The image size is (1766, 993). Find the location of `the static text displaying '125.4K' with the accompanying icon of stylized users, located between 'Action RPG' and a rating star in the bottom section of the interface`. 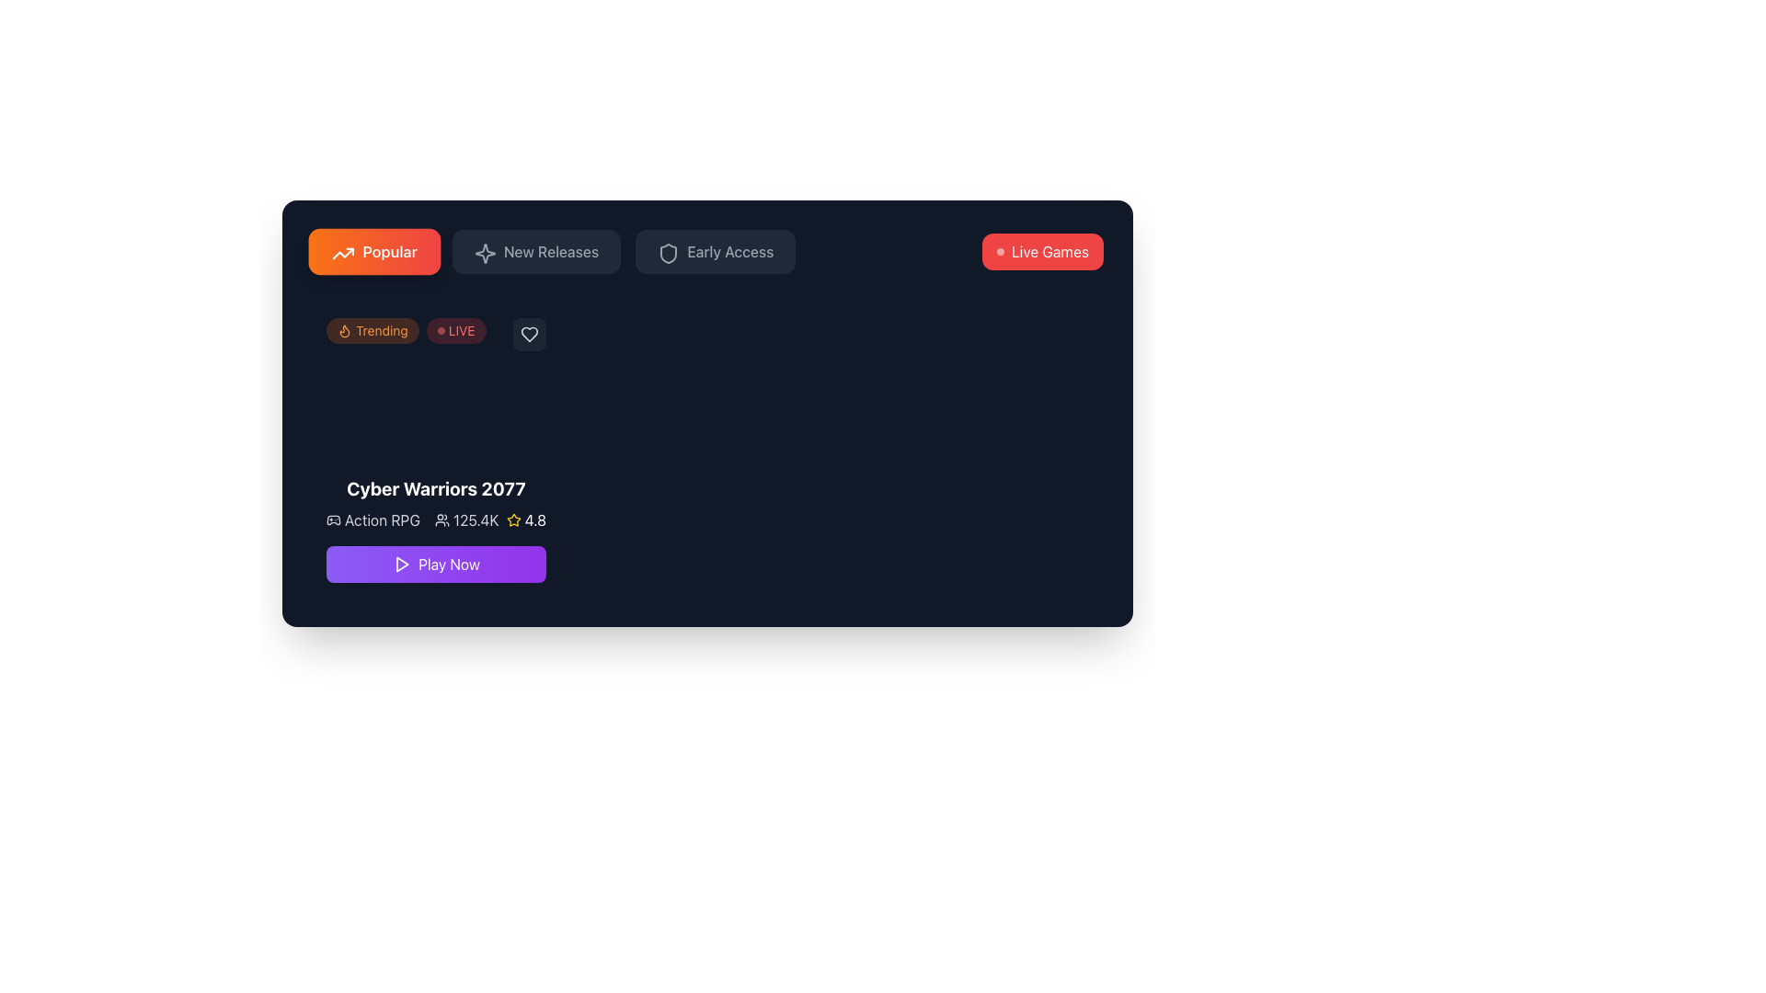

the static text displaying '125.4K' with the accompanying icon of stylized users, located between 'Action RPG' and a rating star in the bottom section of the interface is located at coordinates (466, 520).